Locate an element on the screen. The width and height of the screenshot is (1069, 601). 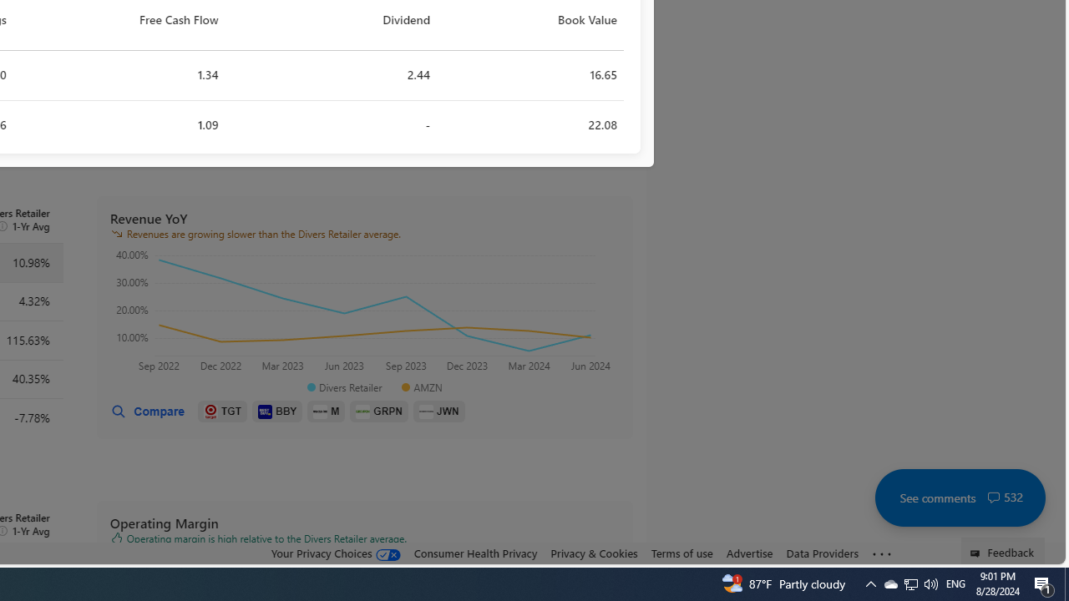
'BBY' is located at coordinates (277, 412).